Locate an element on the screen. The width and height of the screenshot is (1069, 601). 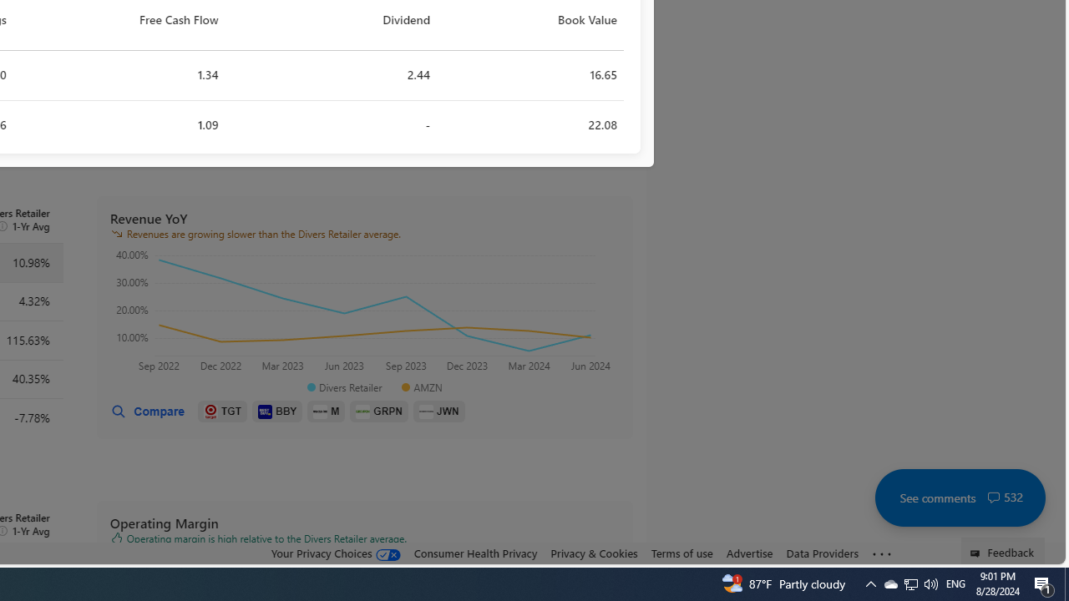
'BBY' is located at coordinates (277, 412).